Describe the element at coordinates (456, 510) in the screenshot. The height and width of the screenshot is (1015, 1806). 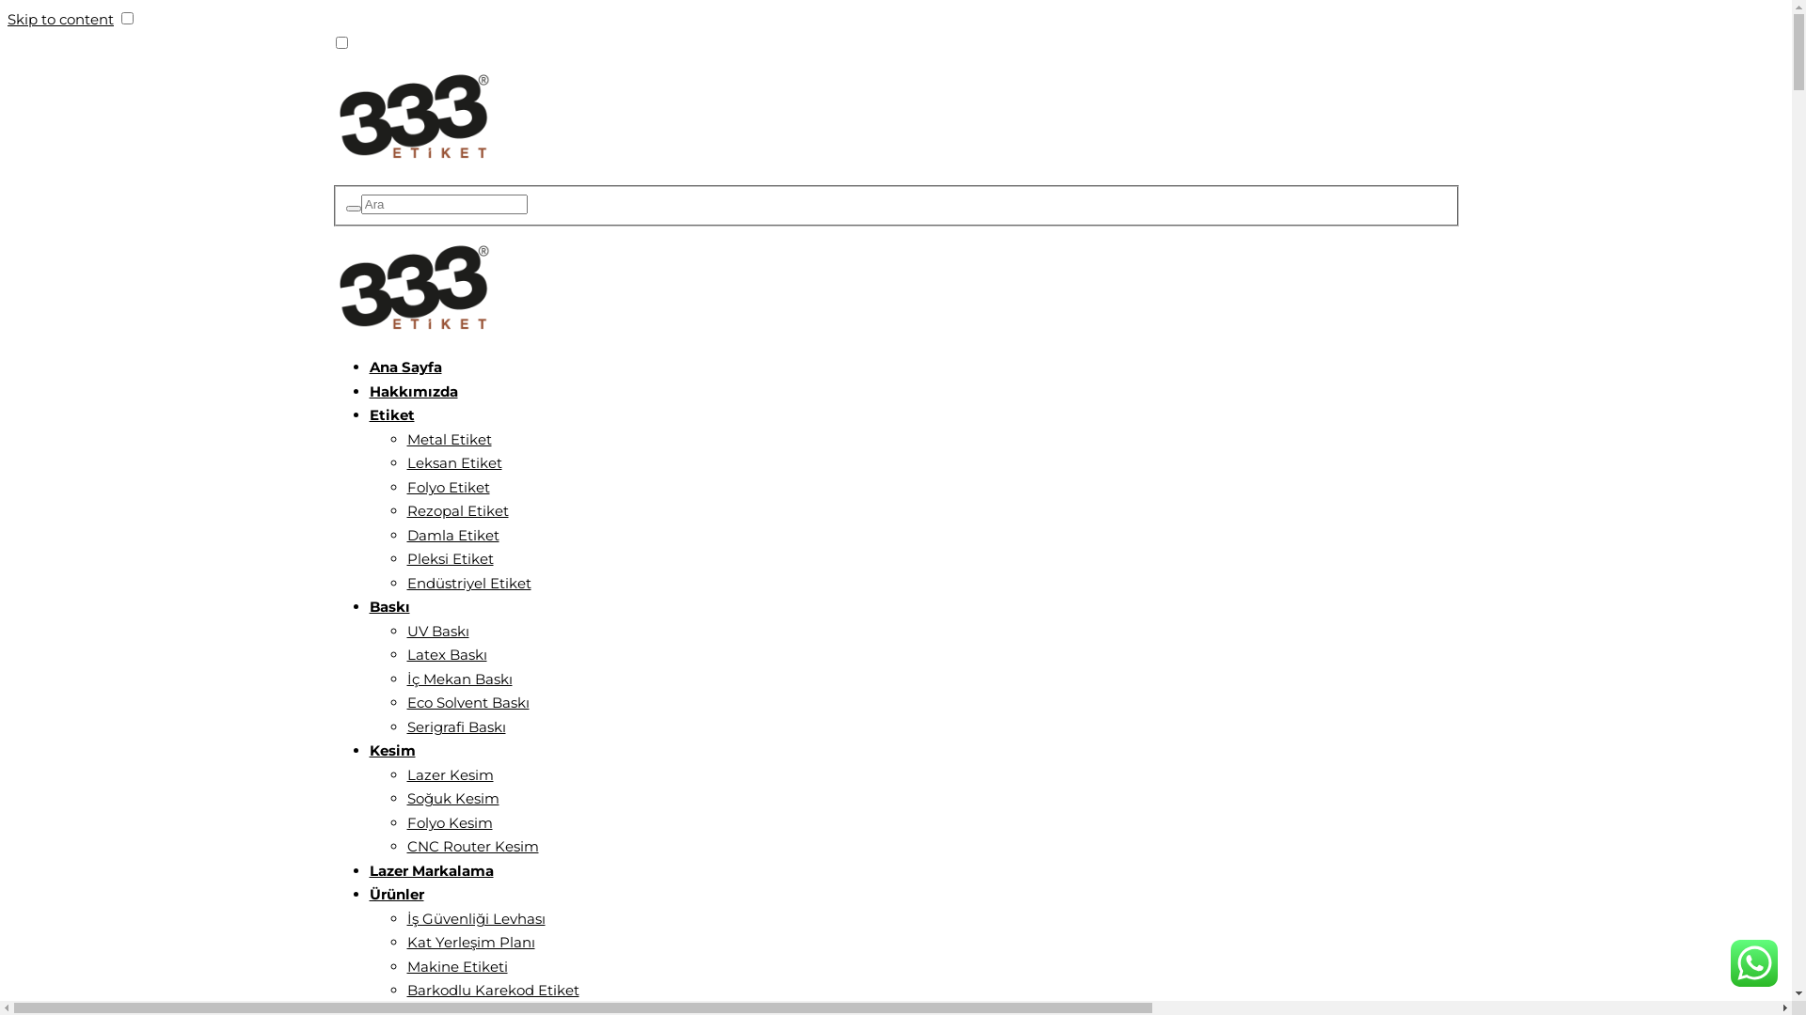
I see `'Rezopal Etiket'` at that location.